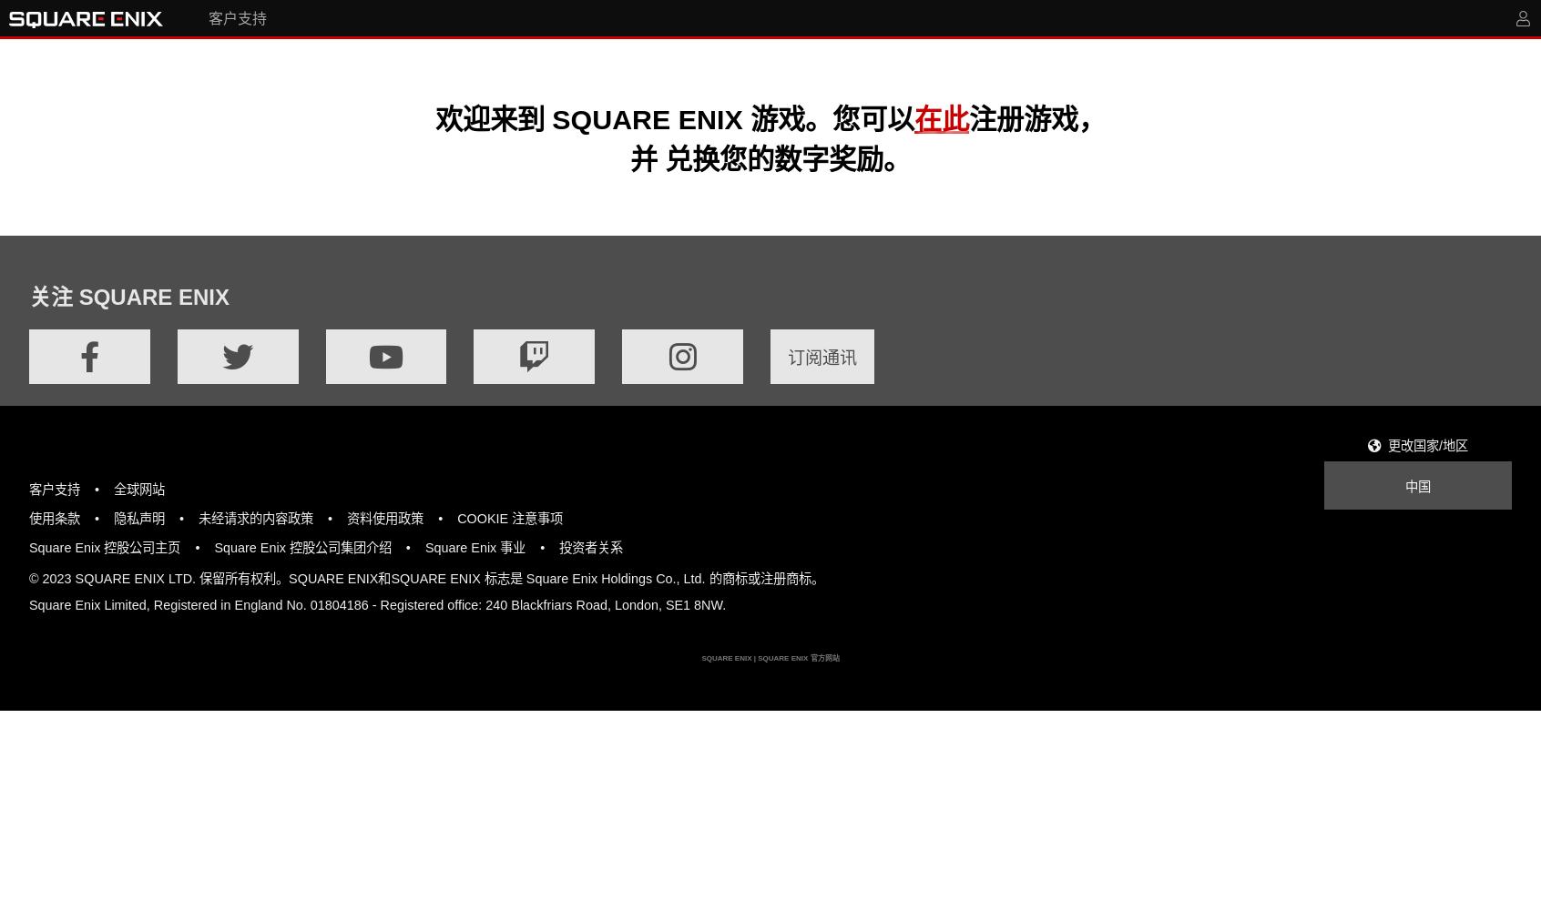 The image size is (1541, 910). Describe the element at coordinates (27, 296) in the screenshot. I see `'关注 SQUARE ENIX'` at that location.